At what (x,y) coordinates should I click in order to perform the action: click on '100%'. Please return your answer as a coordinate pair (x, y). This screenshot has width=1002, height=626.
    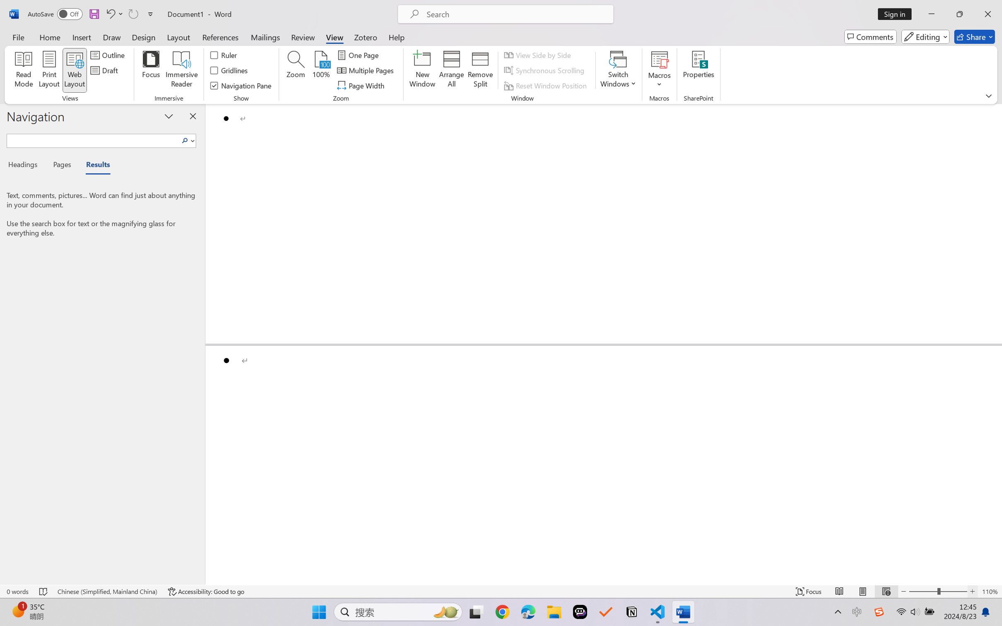
    Looking at the image, I should click on (321, 70).